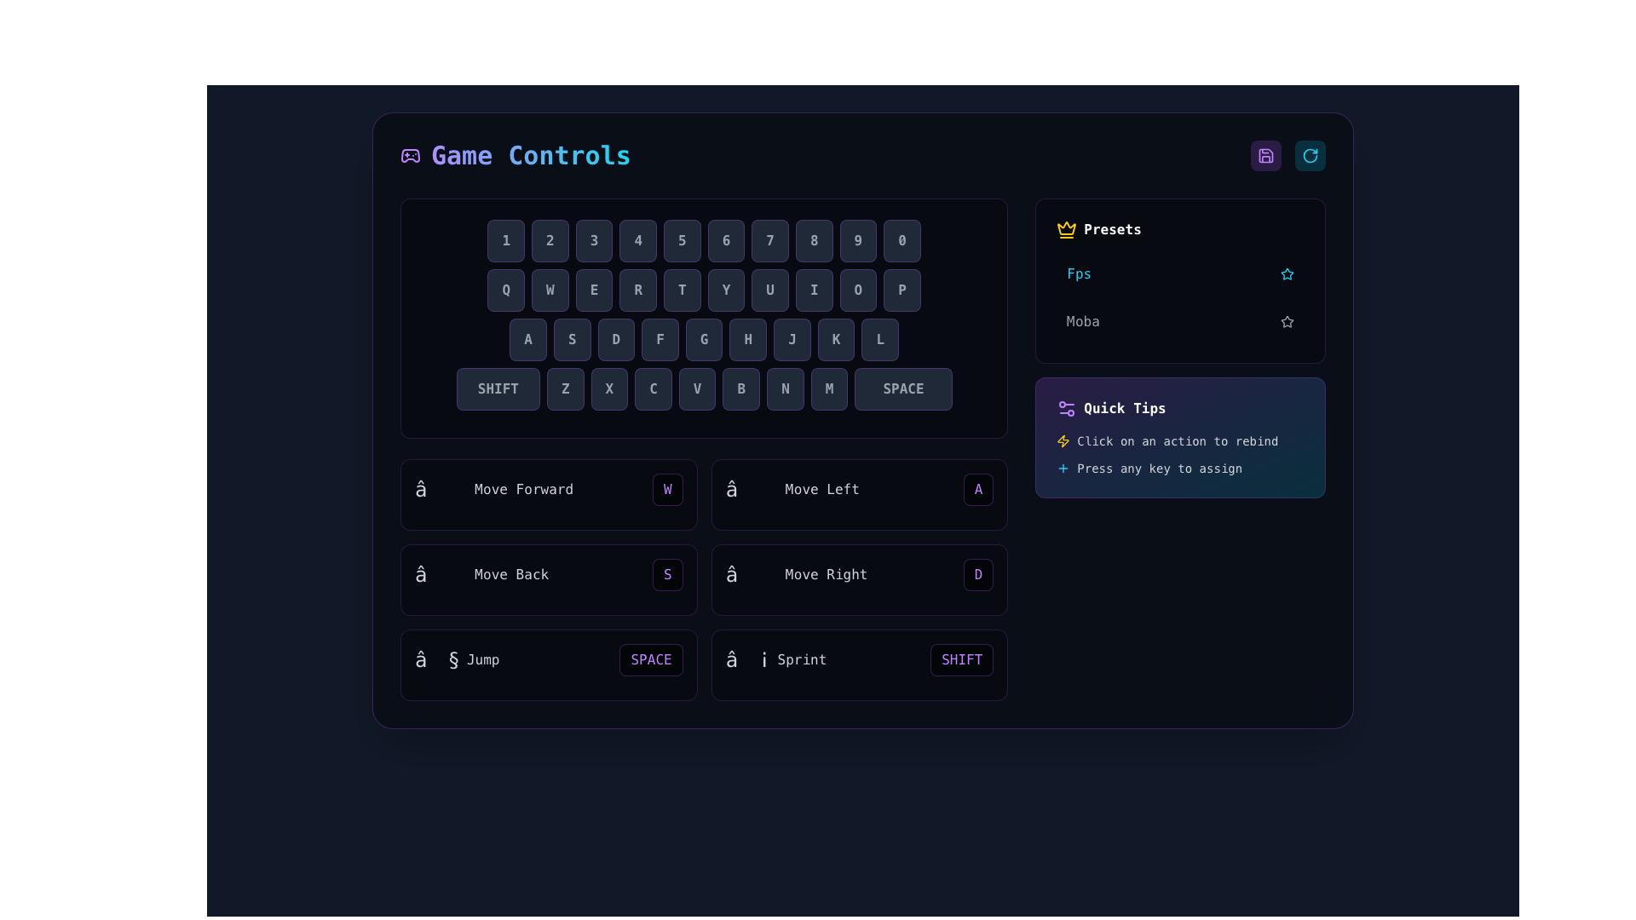  I want to click on the yellow crown-shaped icon located in the 'Presets' section, positioned near the label 'Presets' at the top-left corner of this section, so click(1066, 227).